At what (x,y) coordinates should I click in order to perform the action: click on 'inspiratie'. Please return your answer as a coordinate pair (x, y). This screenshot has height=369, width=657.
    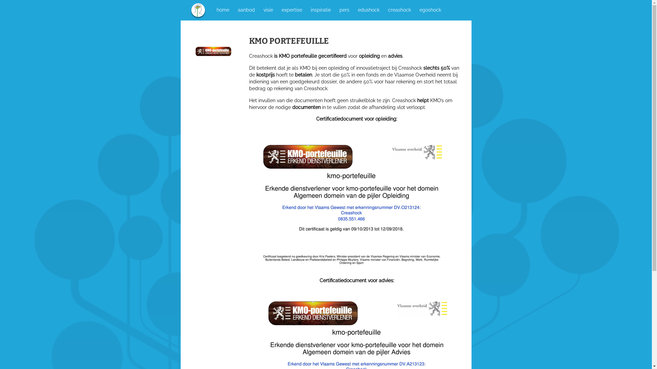
    Looking at the image, I should click on (320, 10).